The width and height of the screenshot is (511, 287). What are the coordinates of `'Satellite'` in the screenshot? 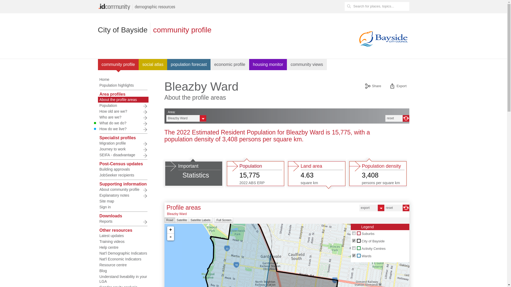 It's located at (182, 220).